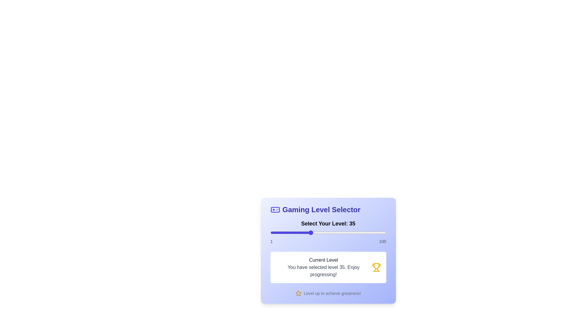 This screenshot has width=579, height=326. Describe the element at coordinates (274, 232) in the screenshot. I see `the slider level` at that location.